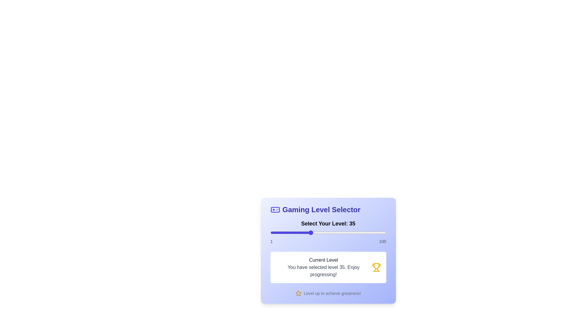 This screenshot has width=579, height=326. Describe the element at coordinates (274, 232) in the screenshot. I see `the slider level` at that location.